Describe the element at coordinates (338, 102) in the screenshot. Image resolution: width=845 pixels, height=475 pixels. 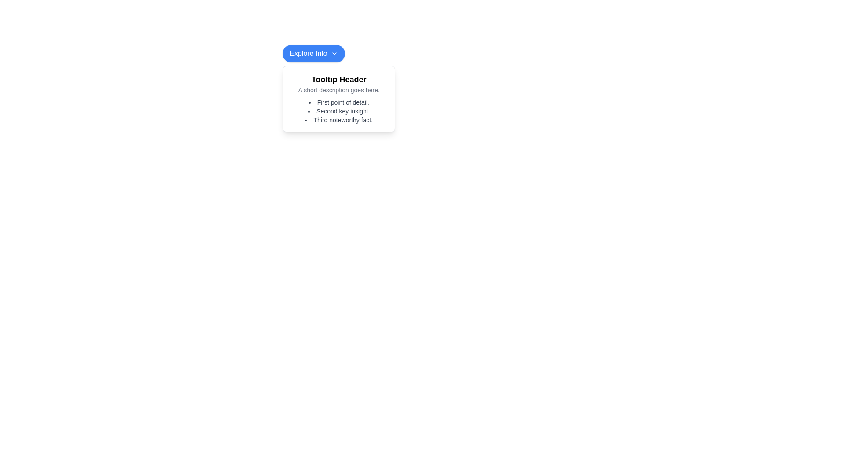
I see `the first list item in the tooltip, which contains the text 'First point of detail.'` at that location.